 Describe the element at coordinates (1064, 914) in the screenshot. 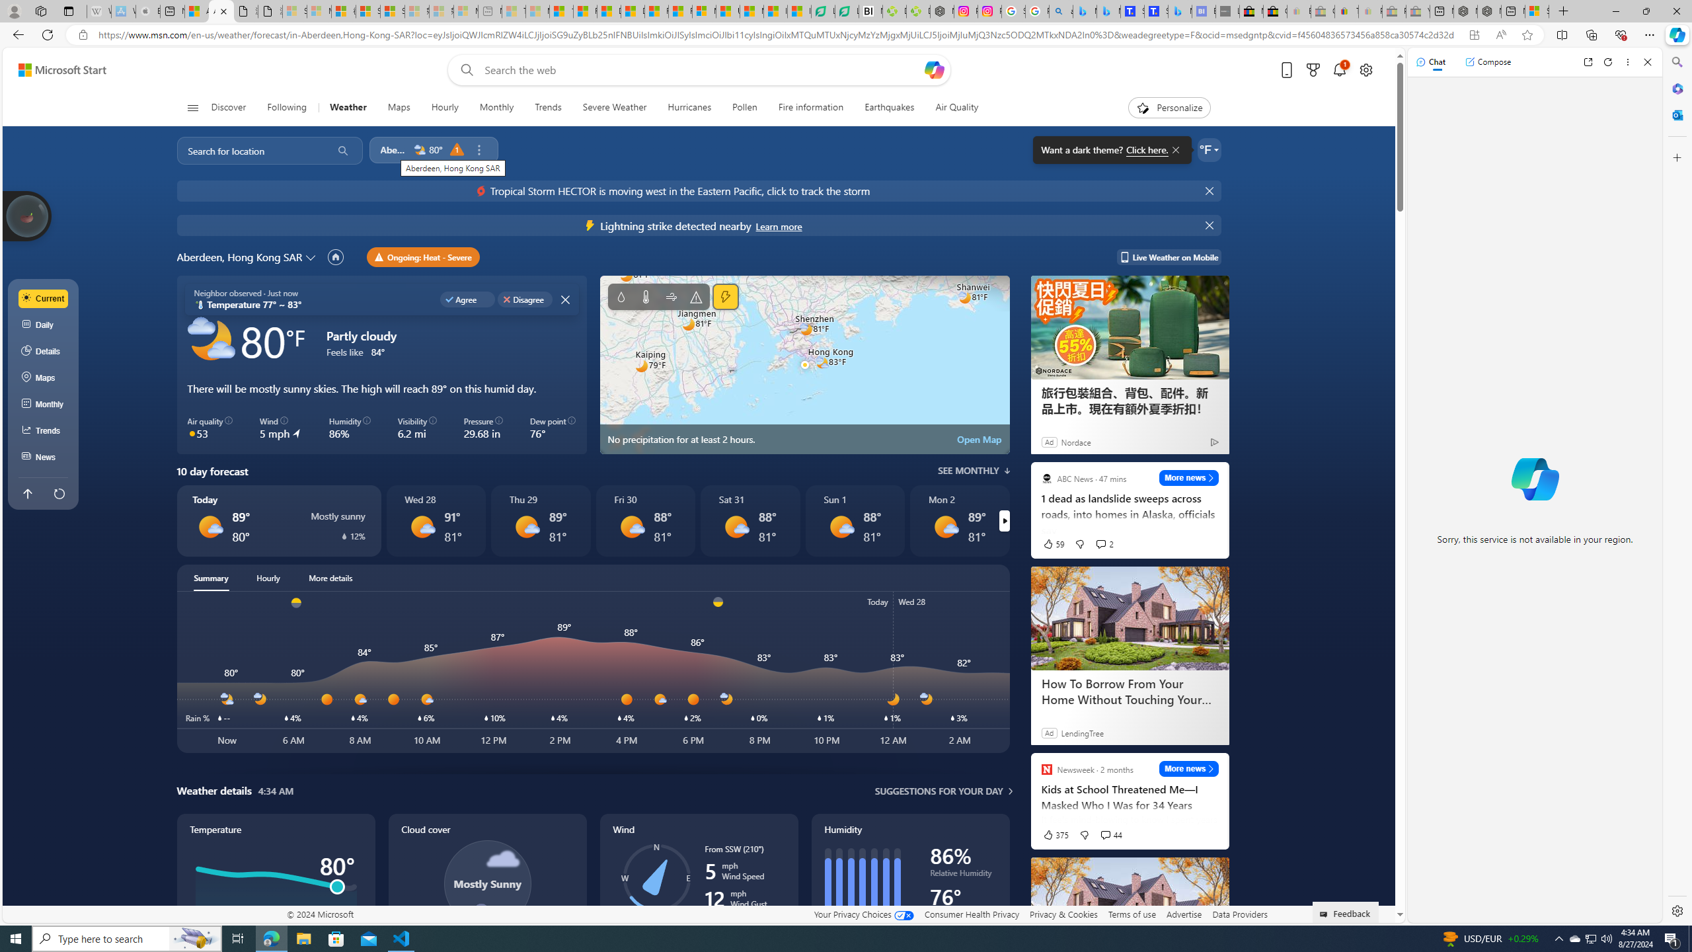

I see `'Privacy & Cookies'` at that location.